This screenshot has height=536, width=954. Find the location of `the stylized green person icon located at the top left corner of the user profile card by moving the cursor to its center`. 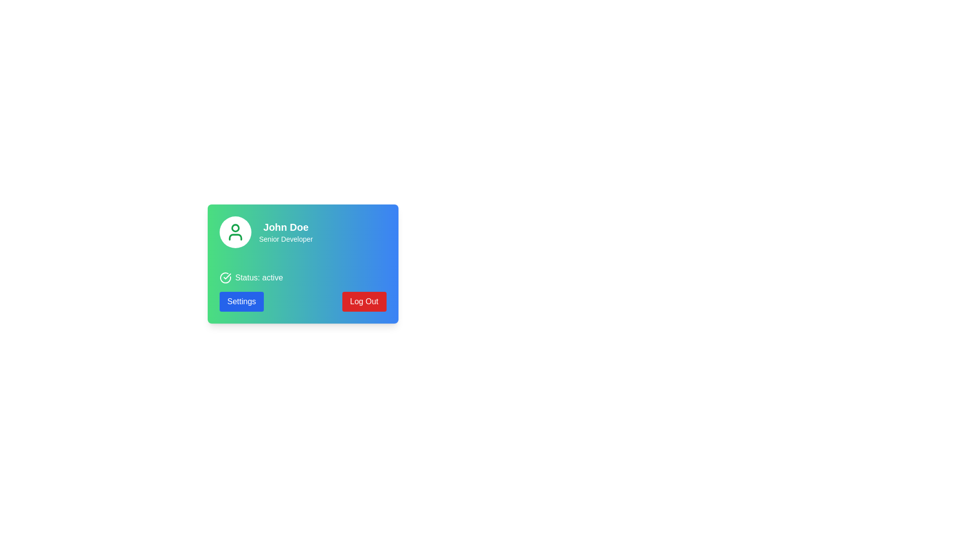

the stylized green person icon located at the top left corner of the user profile card by moving the cursor to its center is located at coordinates (235, 232).